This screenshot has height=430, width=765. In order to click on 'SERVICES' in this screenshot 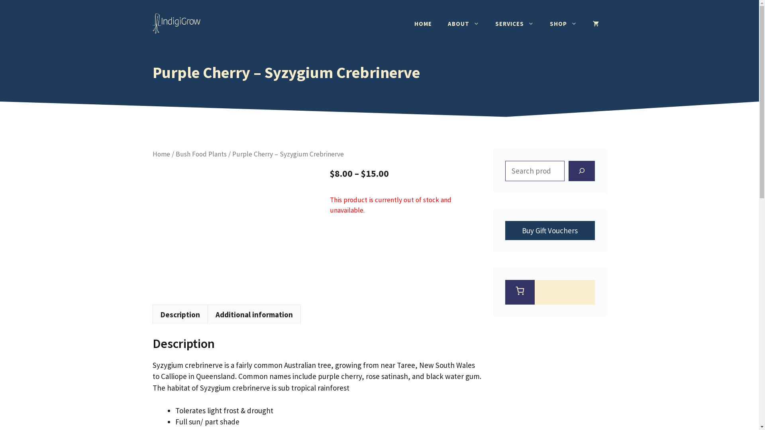, I will do `click(514, 23)`.